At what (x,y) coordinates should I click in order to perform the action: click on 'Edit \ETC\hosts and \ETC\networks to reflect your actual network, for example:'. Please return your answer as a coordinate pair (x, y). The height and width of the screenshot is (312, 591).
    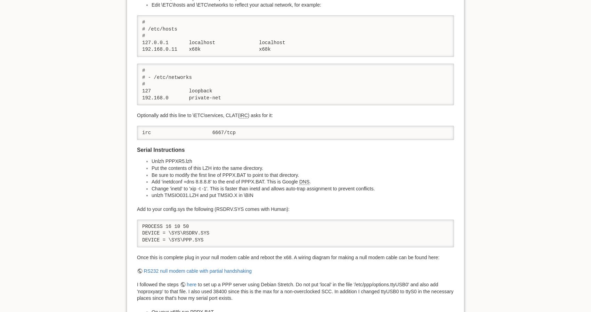
    Looking at the image, I should click on (236, 5).